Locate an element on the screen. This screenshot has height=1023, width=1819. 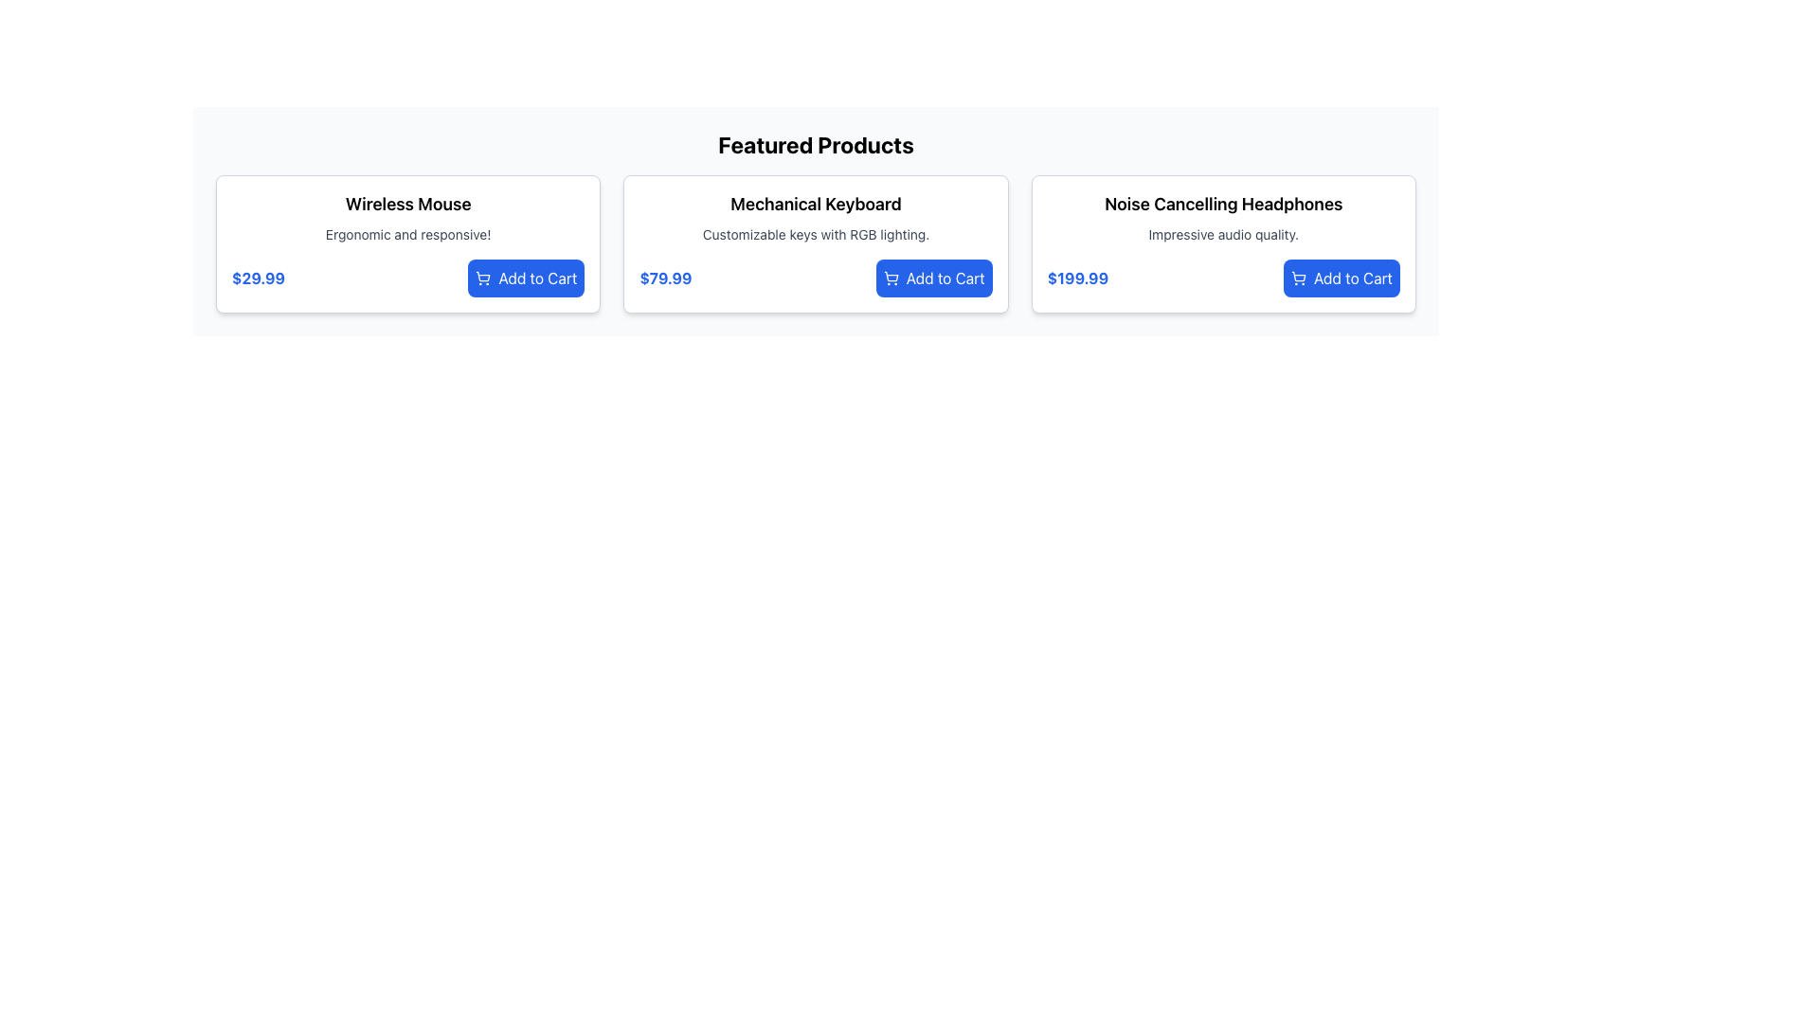
the interactive button located at the bottom-right corner of the first product card in the 'Featured Products' section is located at coordinates (526, 278).